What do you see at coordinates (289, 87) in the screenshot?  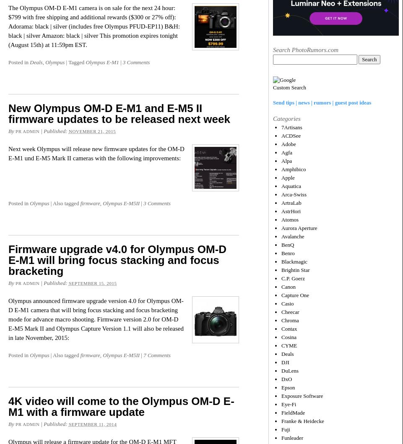 I see `'Custom Search'` at bounding box center [289, 87].